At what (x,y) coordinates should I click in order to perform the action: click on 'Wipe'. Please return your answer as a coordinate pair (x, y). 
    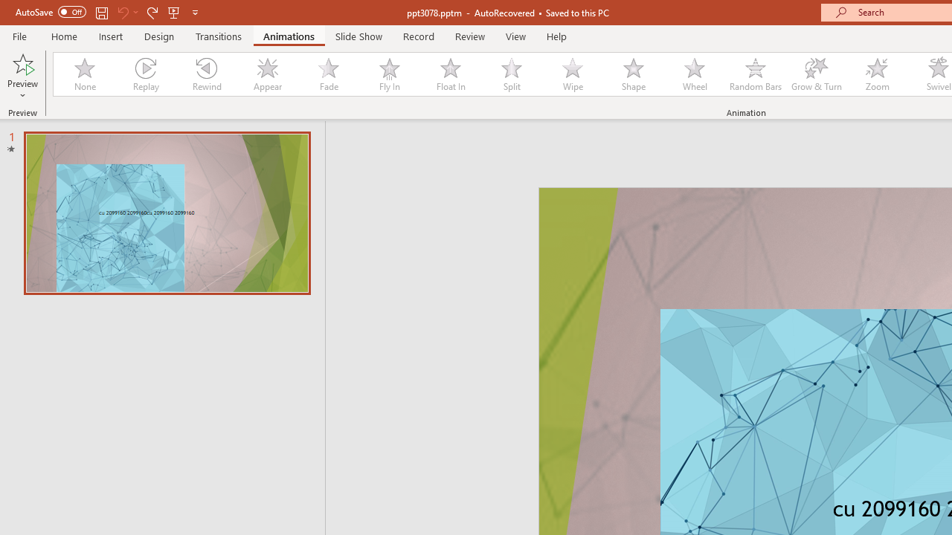
    Looking at the image, I should click on (572, 74).